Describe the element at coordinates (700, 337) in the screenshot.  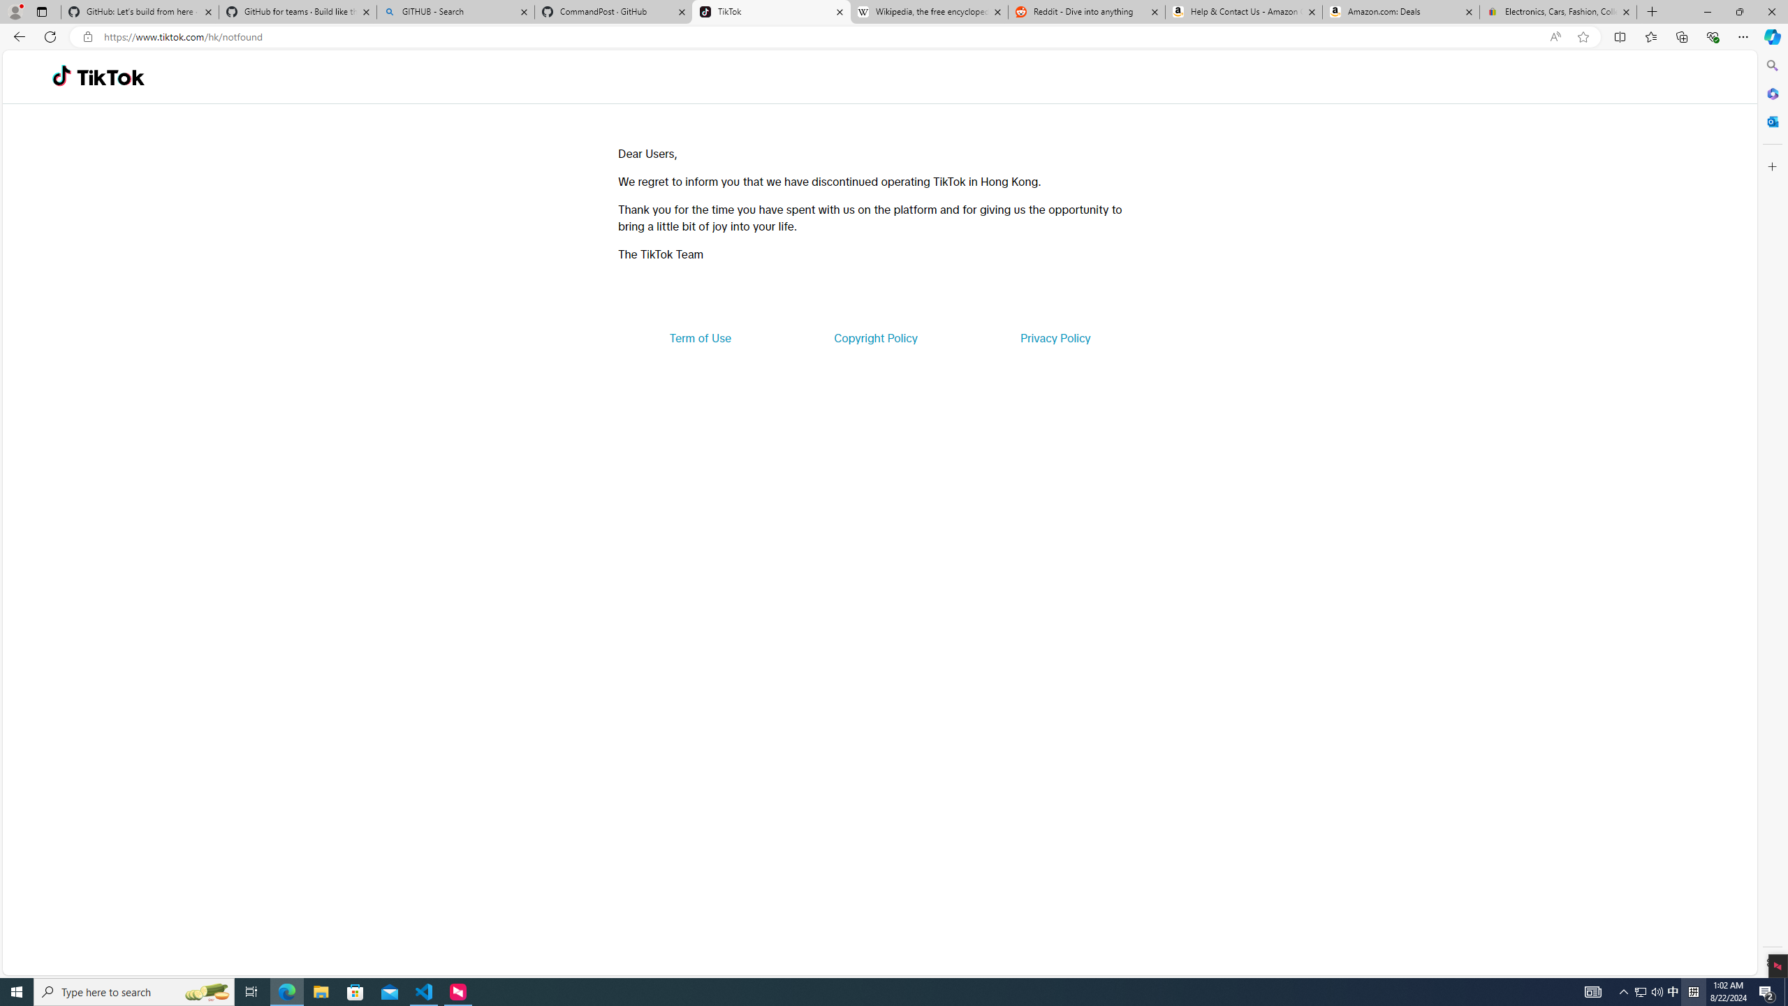
I see `'Term of Use'` at that location.